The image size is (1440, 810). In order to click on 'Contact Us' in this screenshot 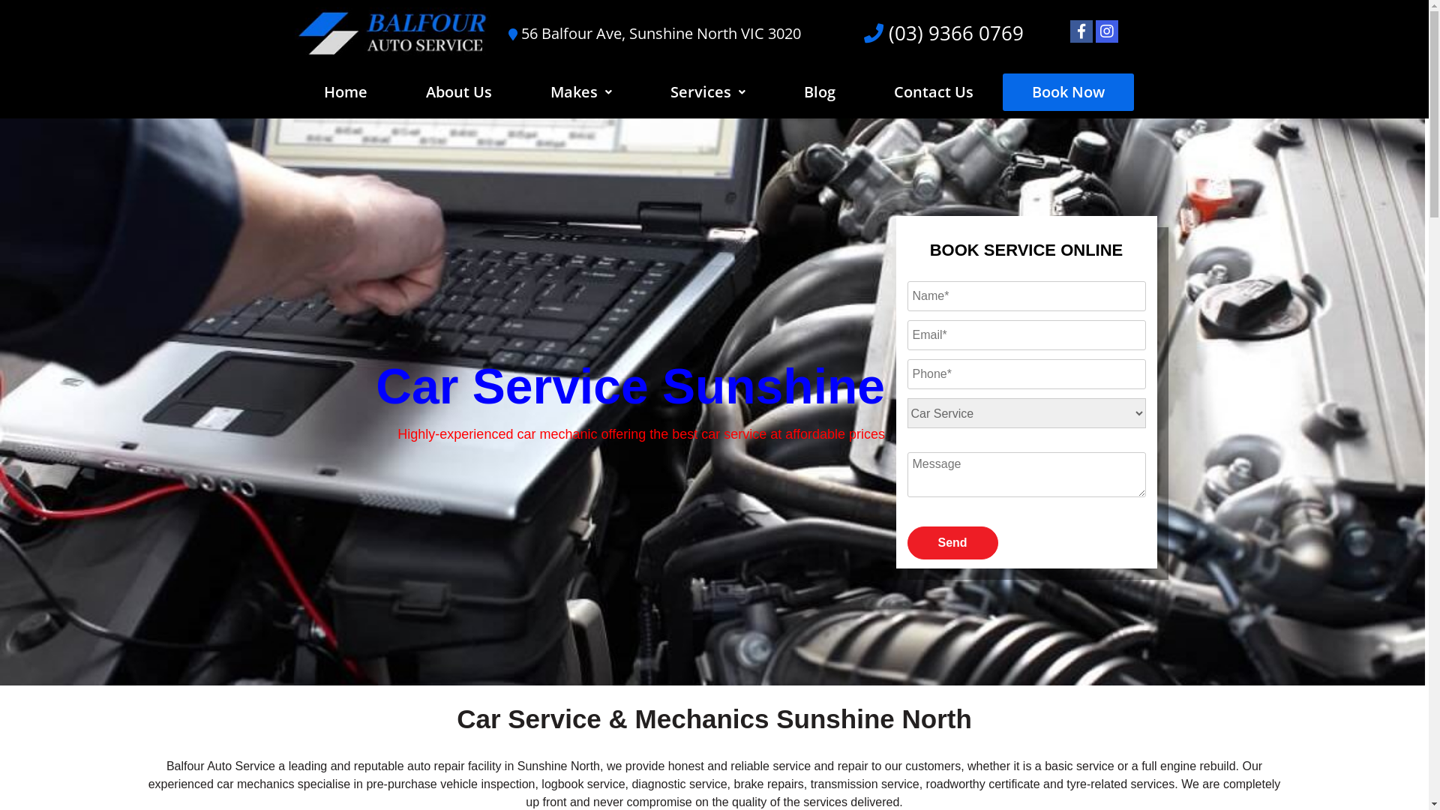, I will do `click(932, 92)`.